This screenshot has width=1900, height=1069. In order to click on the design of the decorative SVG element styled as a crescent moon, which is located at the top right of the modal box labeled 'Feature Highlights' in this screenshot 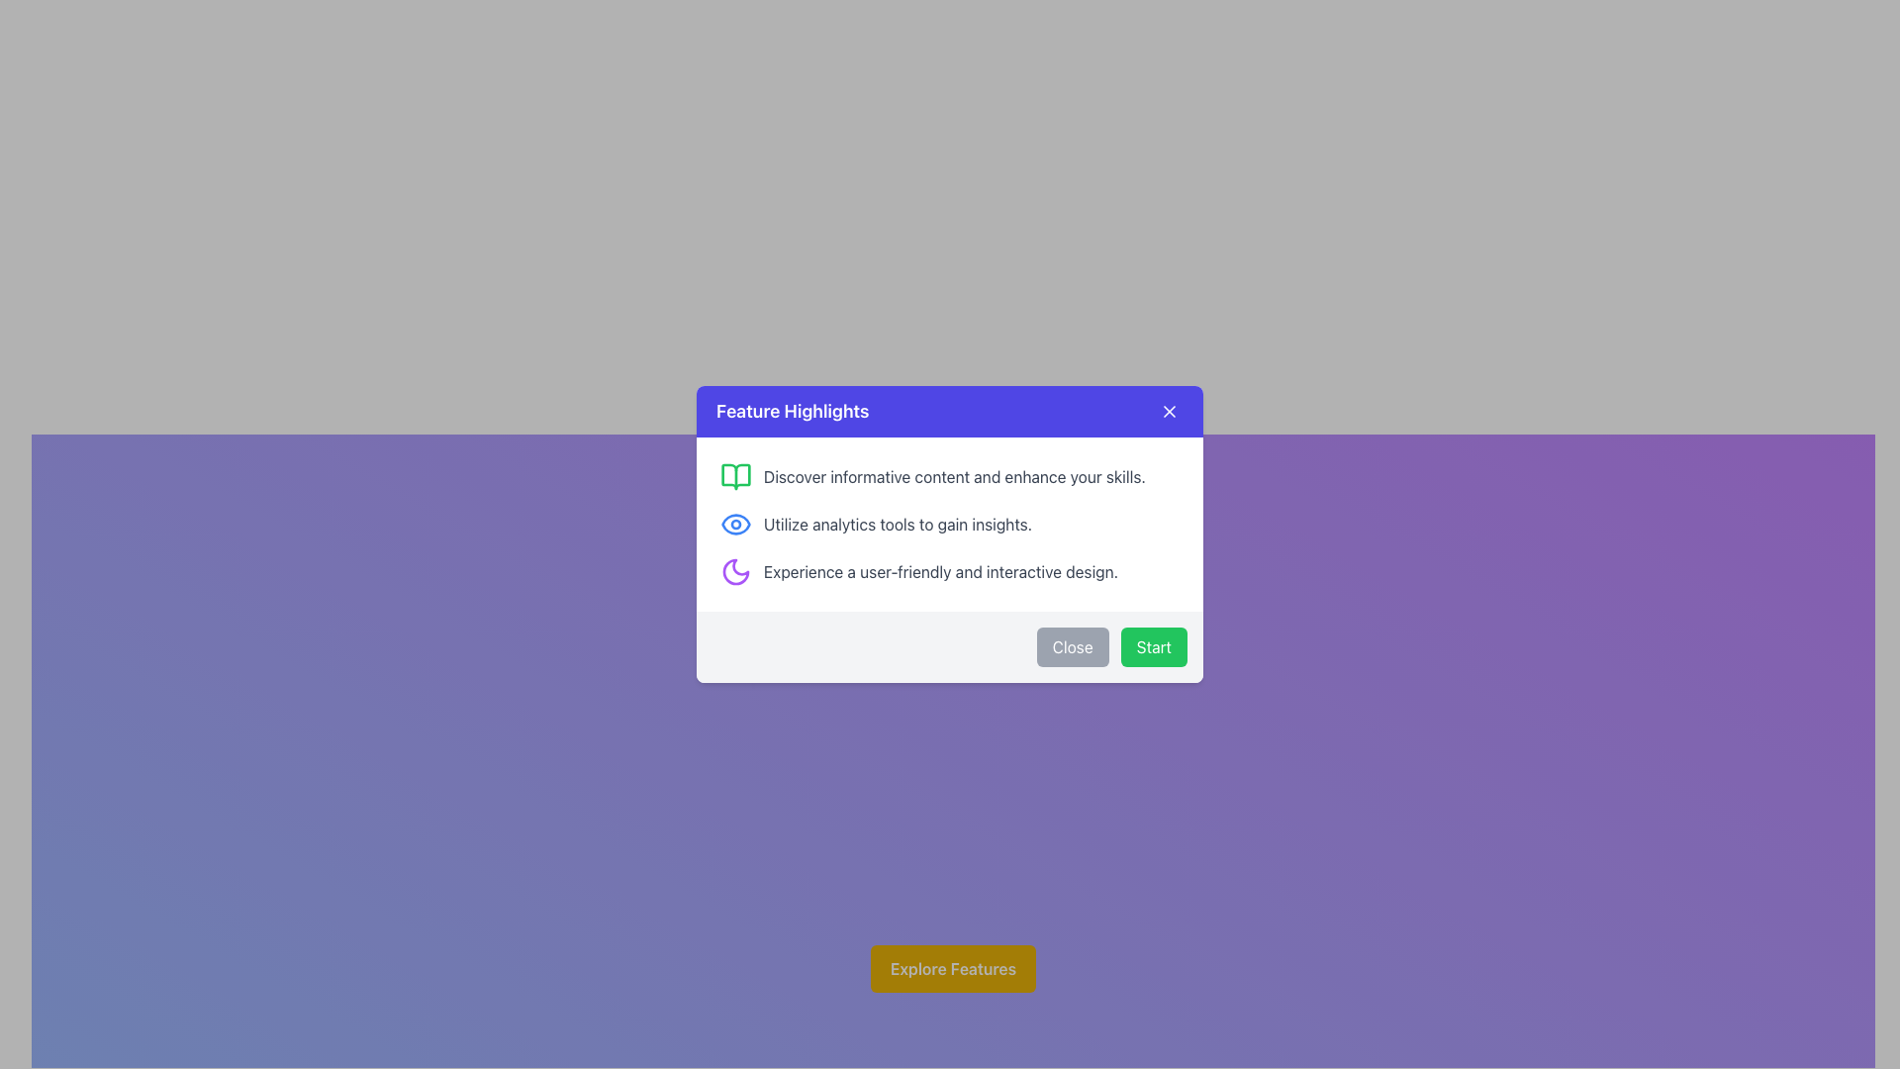, I will do `click(735, 572)`.